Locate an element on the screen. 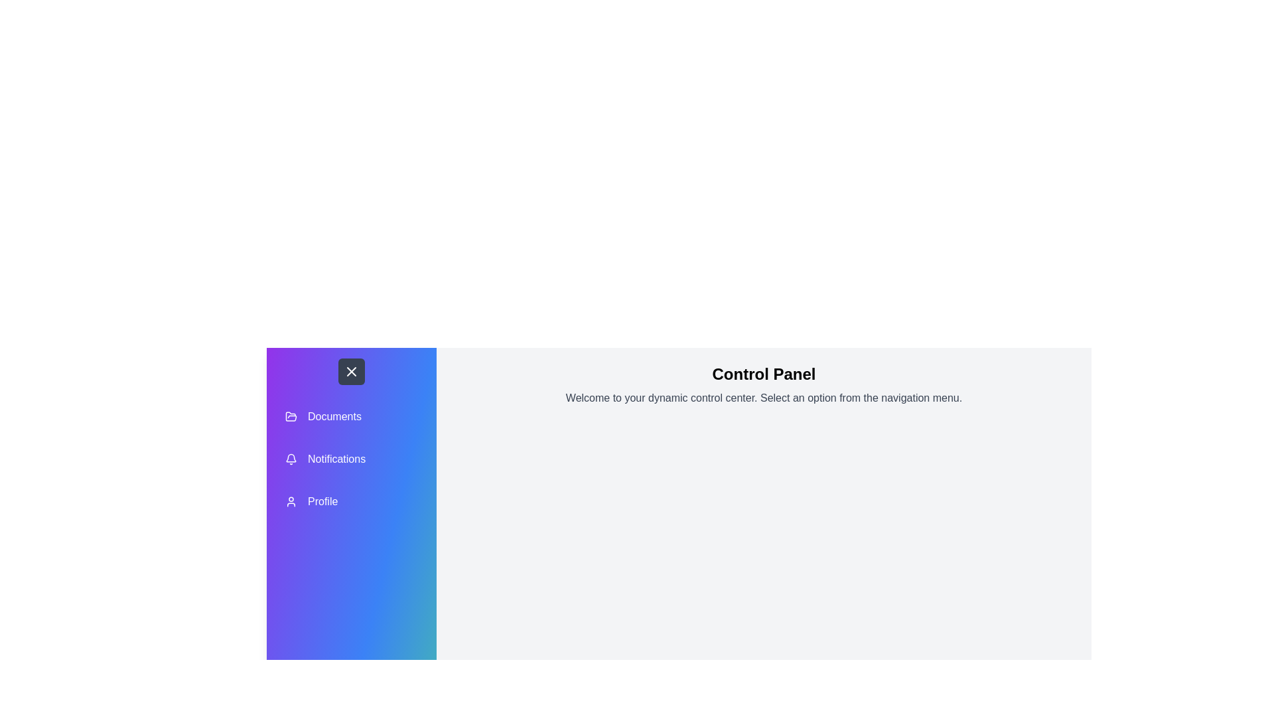 This screenshot has width=1274, height=717. the button with the X icon to toggle the drawer is located at coordinates (351, 371).